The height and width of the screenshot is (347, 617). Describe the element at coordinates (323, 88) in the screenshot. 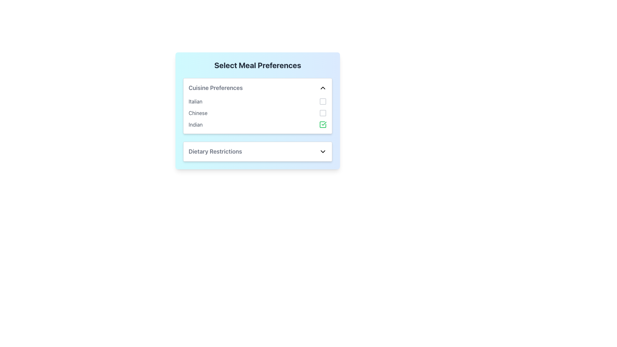

I see `the upward-facing chevron icon located to the right of the 'Cuisine Preferences' text` at that location.